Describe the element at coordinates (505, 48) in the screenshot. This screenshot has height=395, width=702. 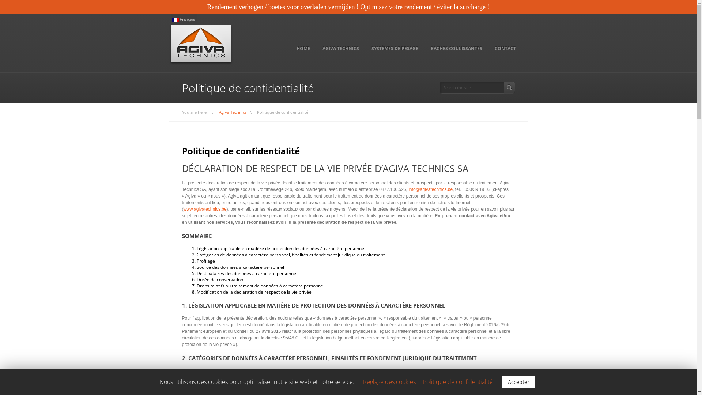
I see `'CONTACT'` at that location.